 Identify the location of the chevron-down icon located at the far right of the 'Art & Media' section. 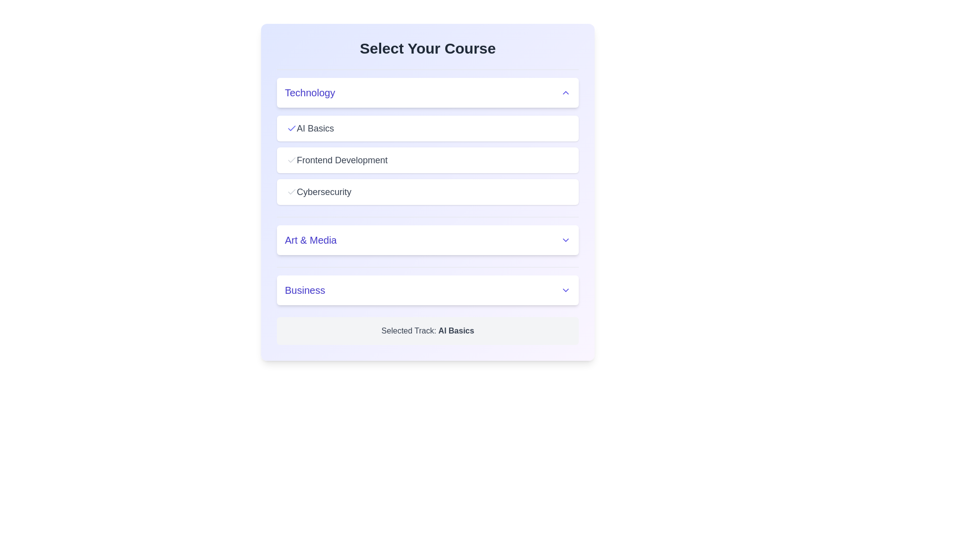
(566, 240).